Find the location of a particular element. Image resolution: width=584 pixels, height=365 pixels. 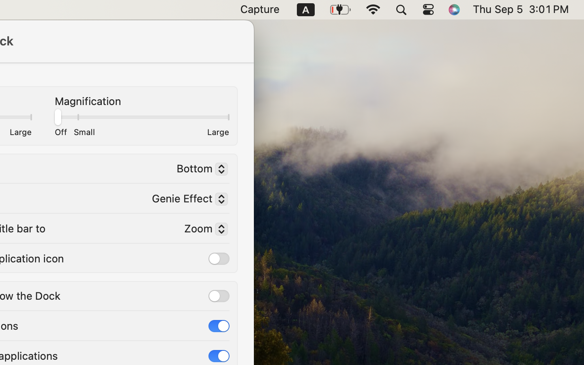

'Zoom' is located at coordinates (202, 230).